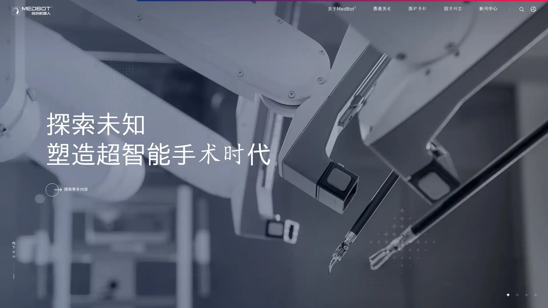 This screenshot has height=308, width=548. What do you see at coordinates (535, 295) in the screenshot?
I see `Go to slide 4` at bounding box center [535, 295].